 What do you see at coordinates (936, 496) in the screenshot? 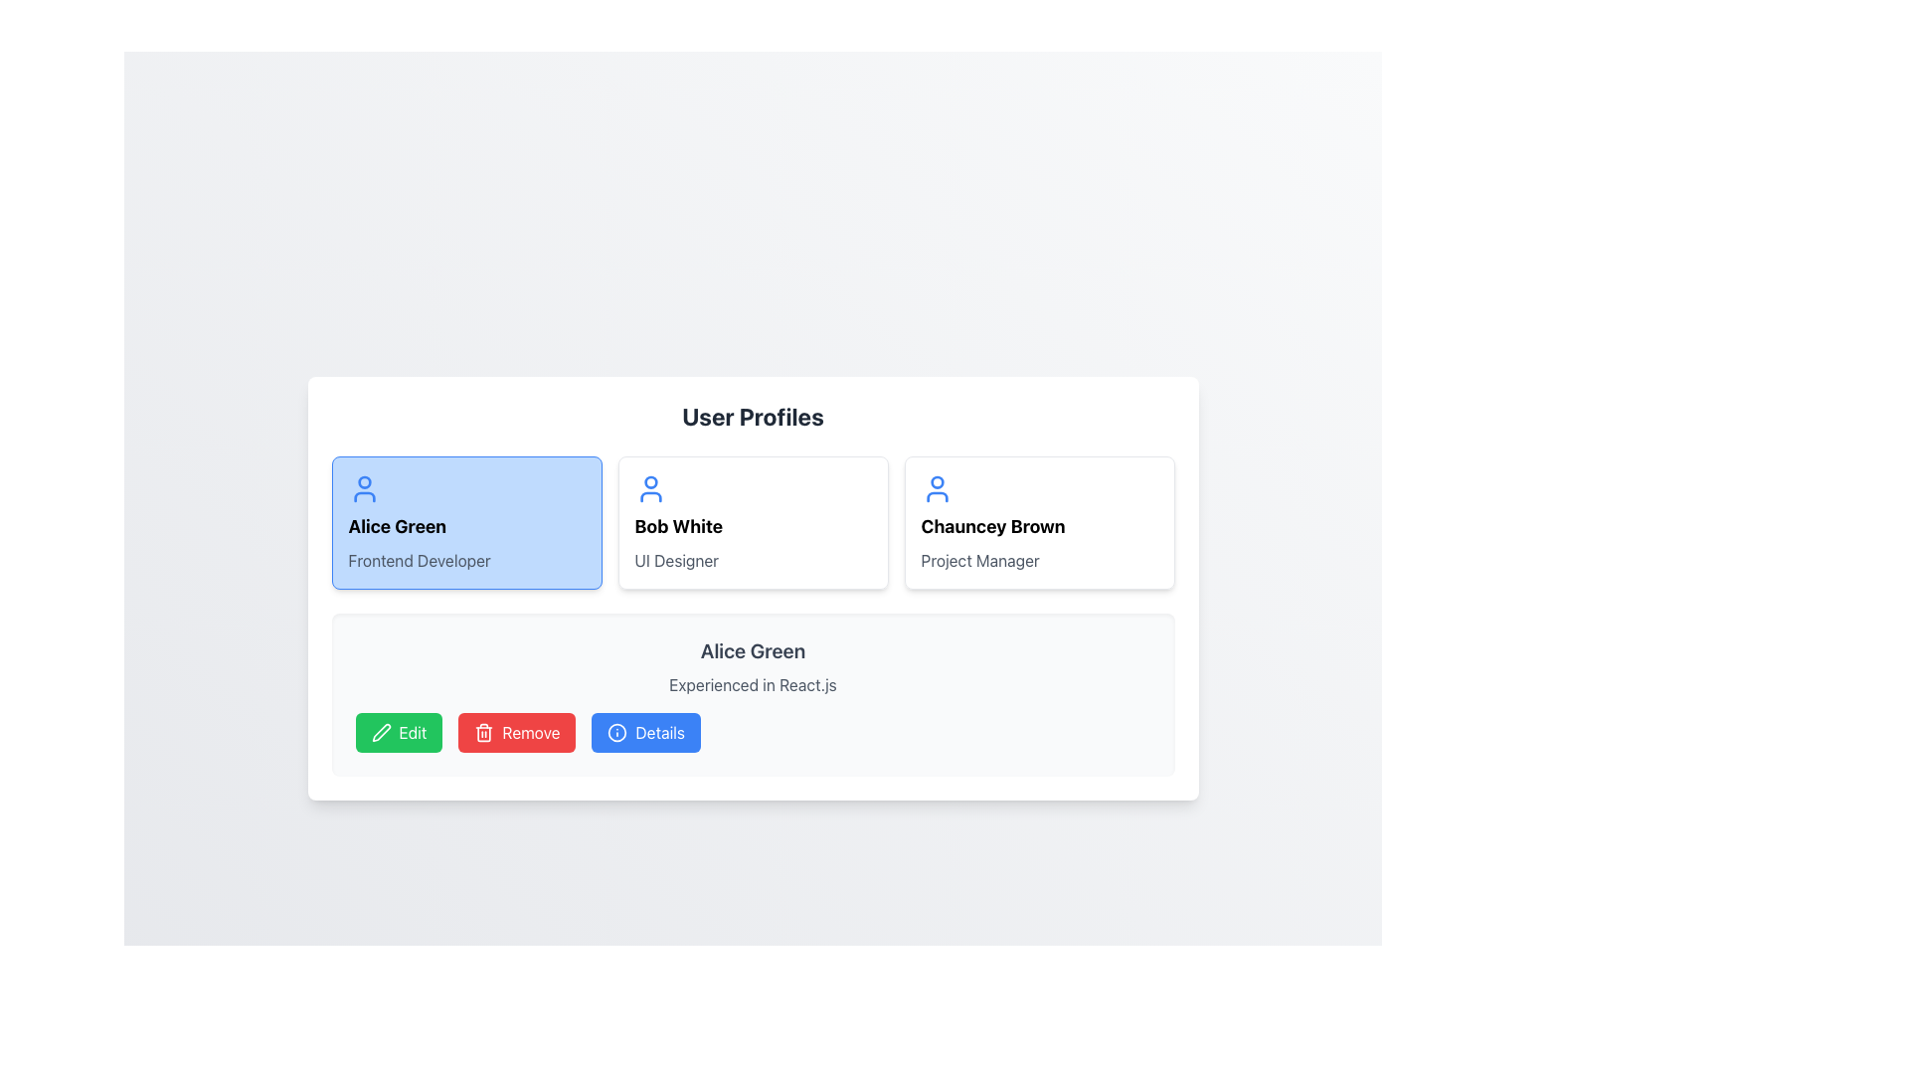
I see `the blue curved line representing part of the user icon within the Chauncey Brown profile card in the user profiles section` at bounding box center [936, 496].